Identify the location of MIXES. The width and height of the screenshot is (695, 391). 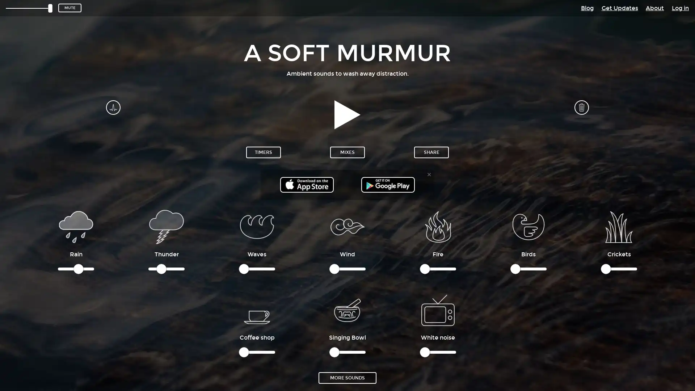
(347, 152).